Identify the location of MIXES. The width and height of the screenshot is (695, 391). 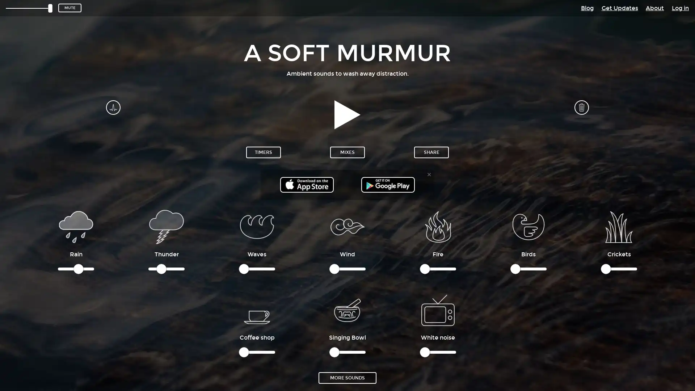
(347, 152).